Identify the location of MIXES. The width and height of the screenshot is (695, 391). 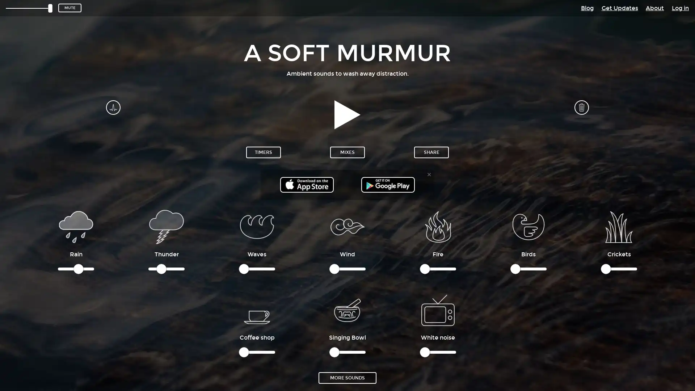
(347, 152).